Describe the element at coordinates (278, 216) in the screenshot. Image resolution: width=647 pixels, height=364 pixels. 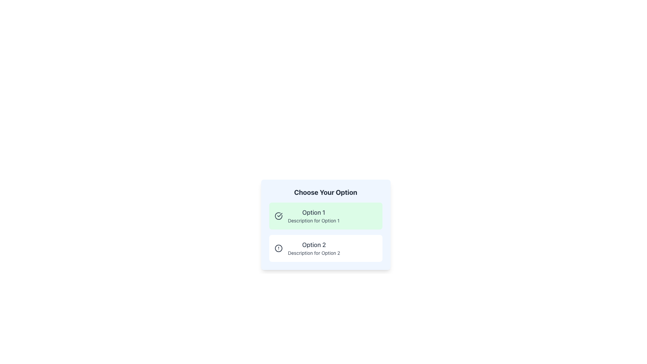
I see `the circular icon with a checkmark inside, which is styled in gray and located to the left of the text 'Option 1'` at that location.